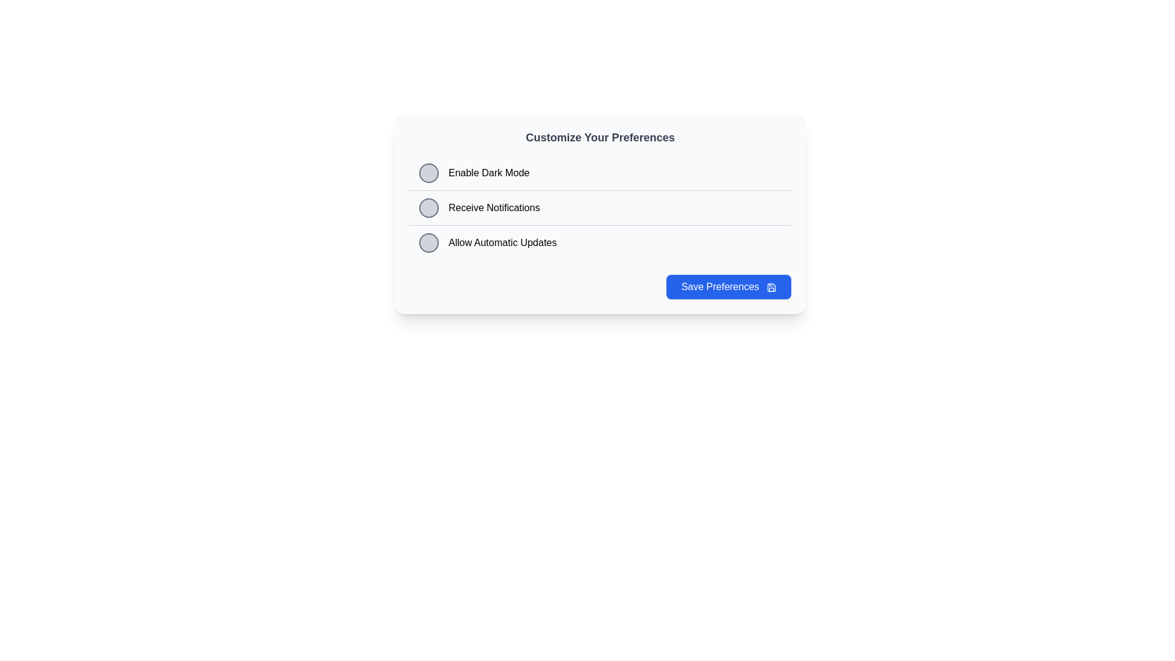  Describe the element at coordinates (479, 207) in the screenshot. I see `the 'Receive Notifications' label in the preferences customization panel, which is the second entry in the vertical list of options, below 'Enable Dark Mode' and above 'Allow Automatic Updates'` at that location.